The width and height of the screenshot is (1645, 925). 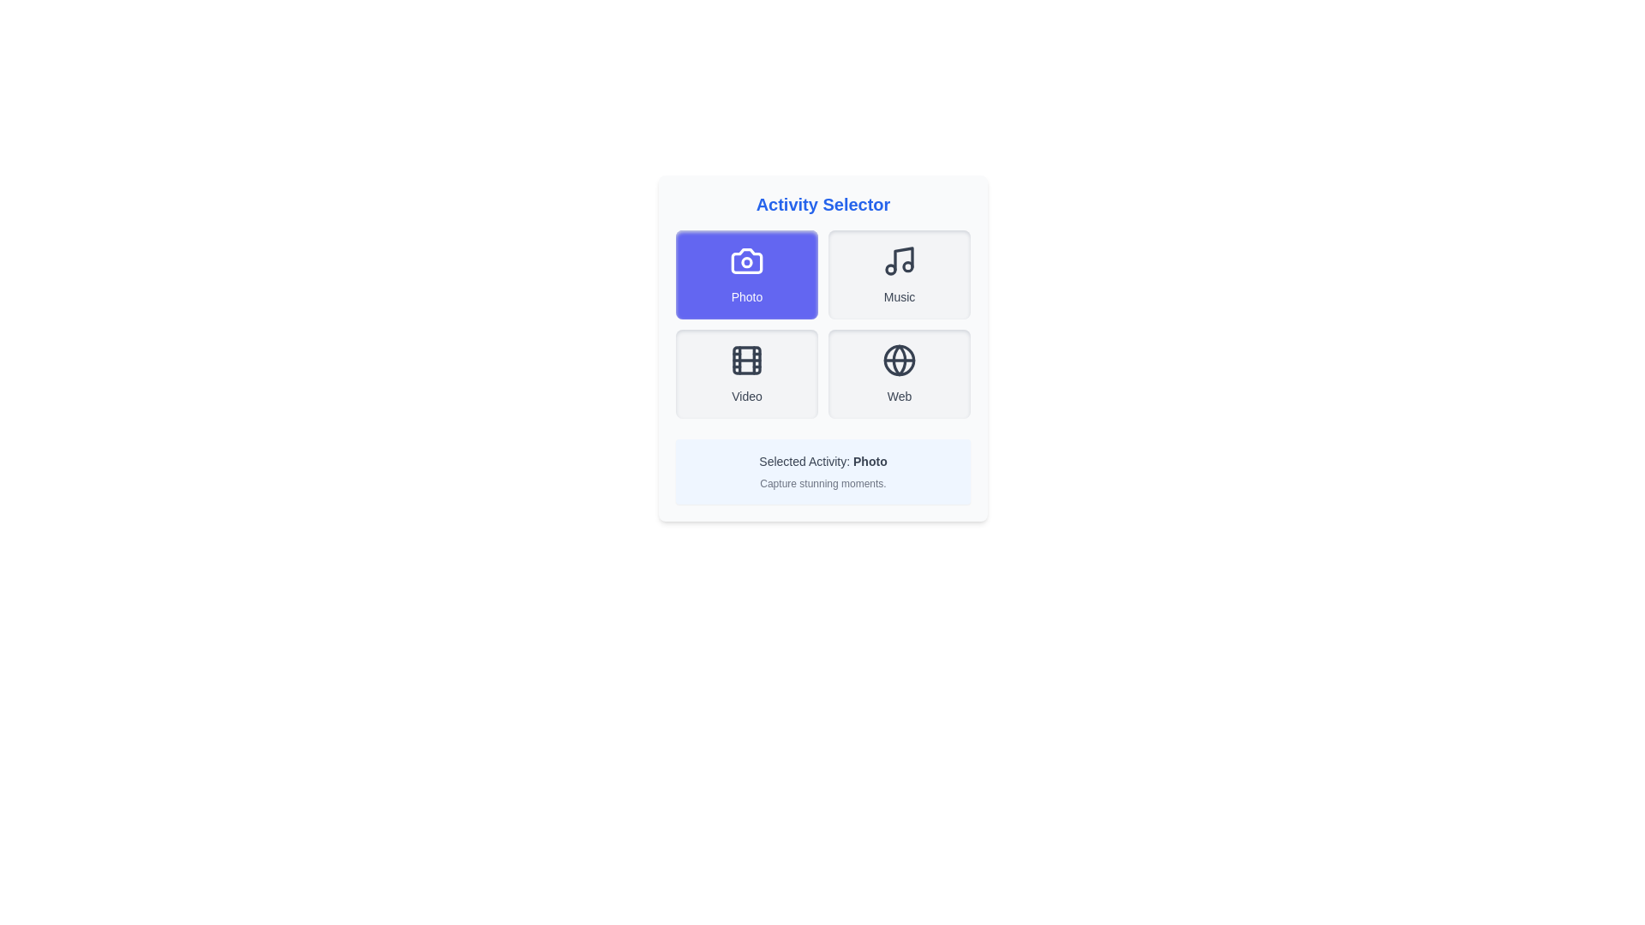 What do you see at coordinates (899, 359) in the screenshot?
I see `the graphical circle element that is part of the 'Web' option icon located in the bottom-right quadrant of a 2x2 grid of buttons` at bounding box center [899, 359].